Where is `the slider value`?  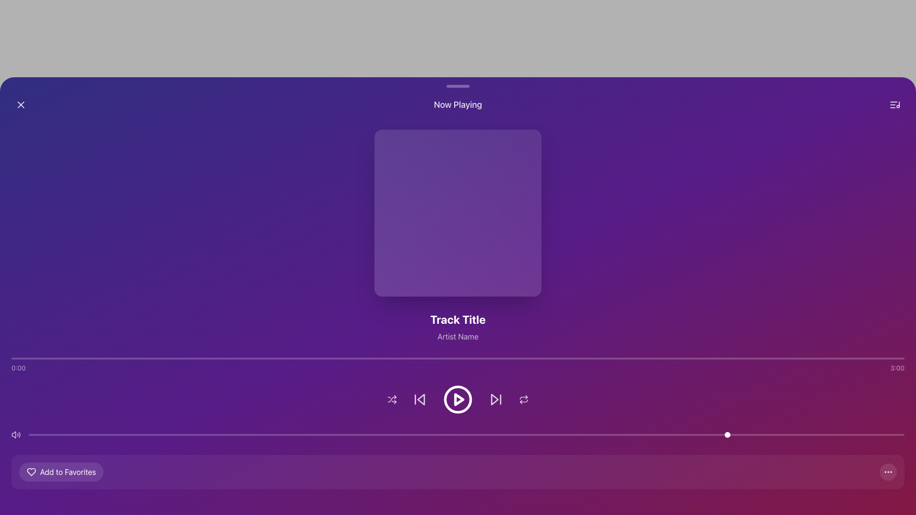
the slider value is located at coordinates (510, 434).